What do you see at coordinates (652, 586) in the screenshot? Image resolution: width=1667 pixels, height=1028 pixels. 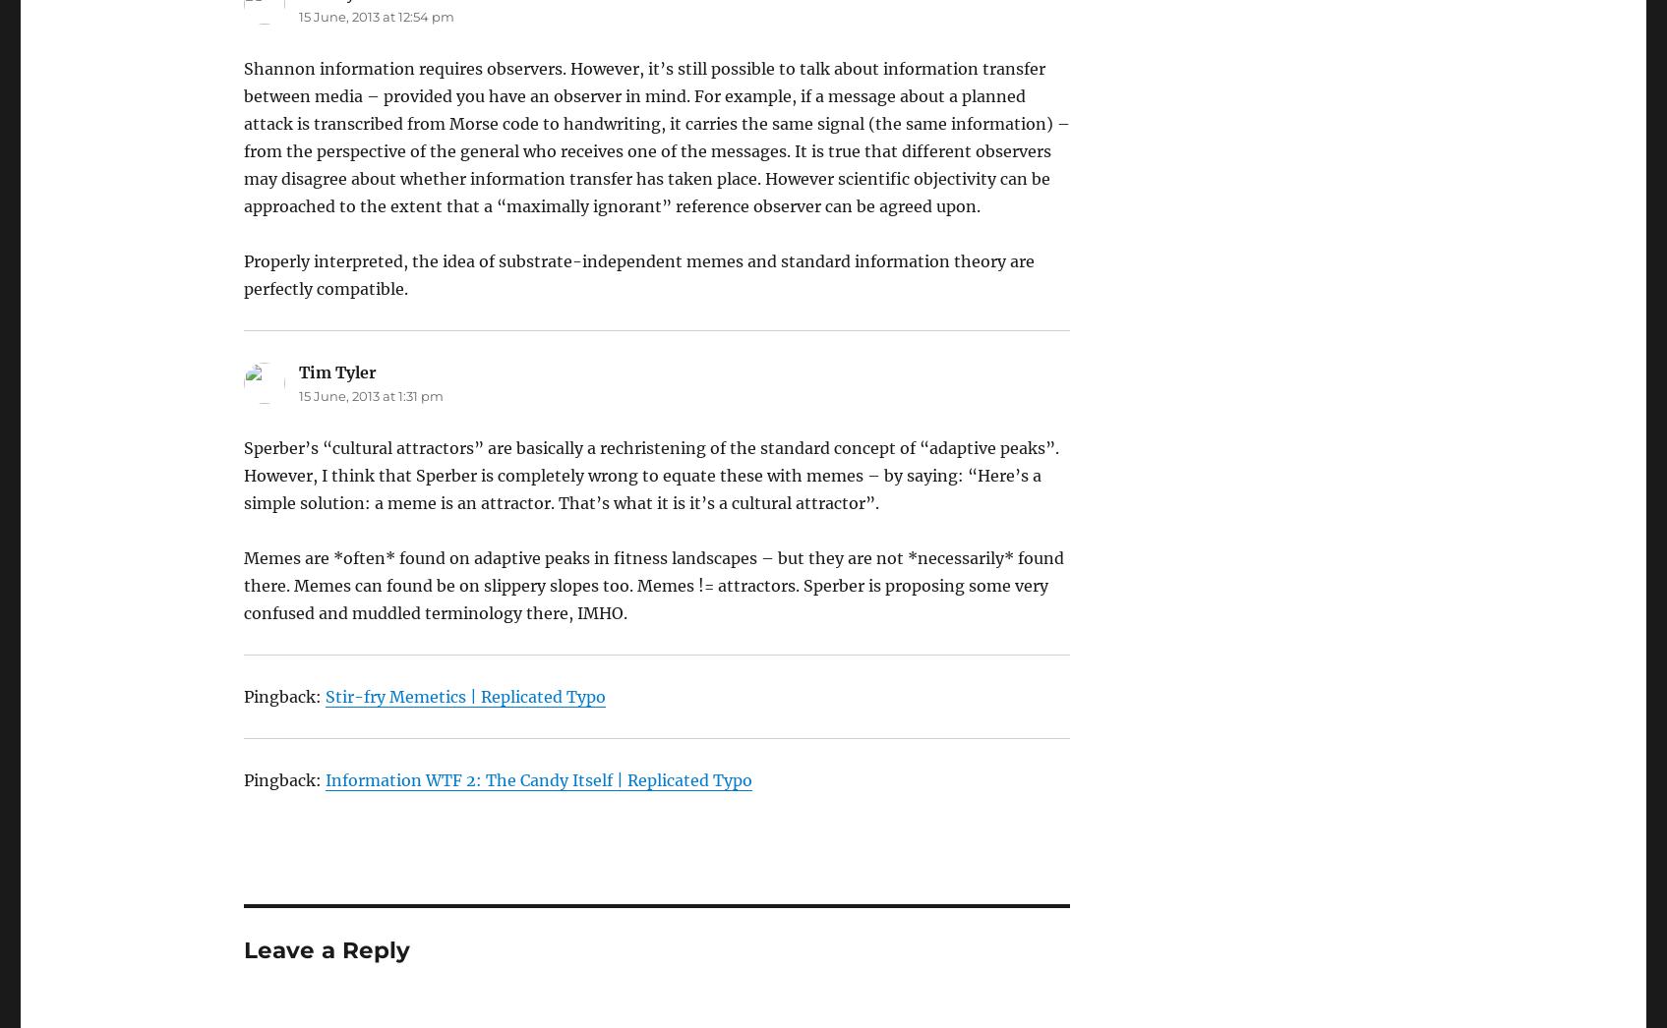 I see `'Memes are *often* found on adaptive peaks in fitness landscapes – but they are not *necessarily* found there.  Memes can found be on slippery slopes too.  Memes != attractors. Sperber is proposing some very confused and muddled terminology there, IMHO.'` at bounding box center [652, 586].